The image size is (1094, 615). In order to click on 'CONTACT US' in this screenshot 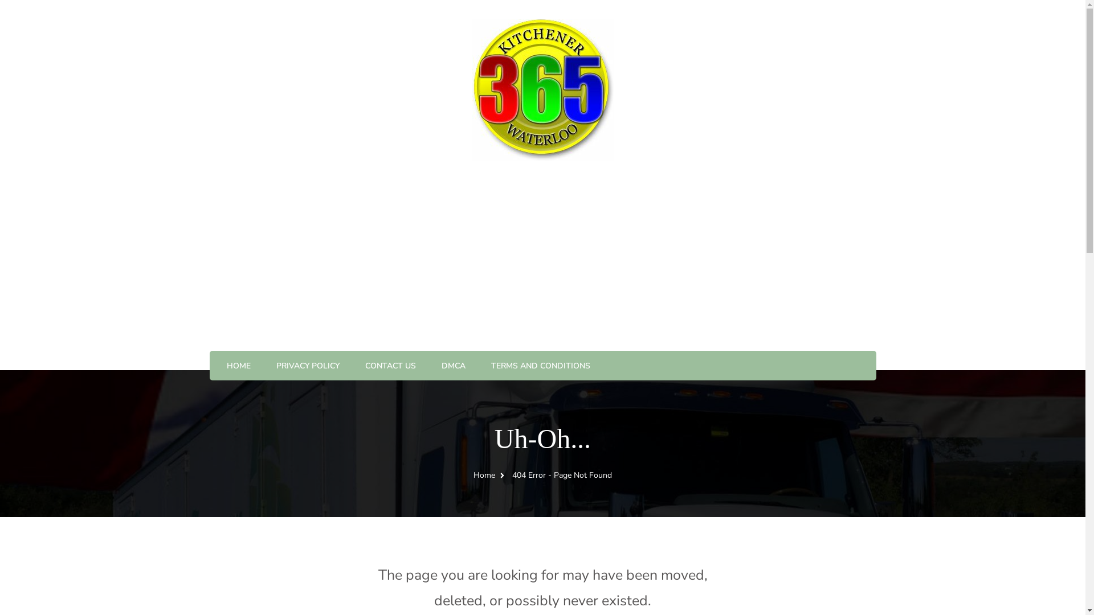, I will do `click(390, 367)`.